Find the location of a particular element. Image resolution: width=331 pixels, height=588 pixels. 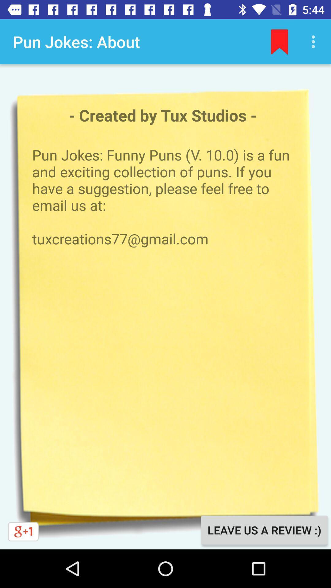

leave us a is located at coordinates (264, 530).